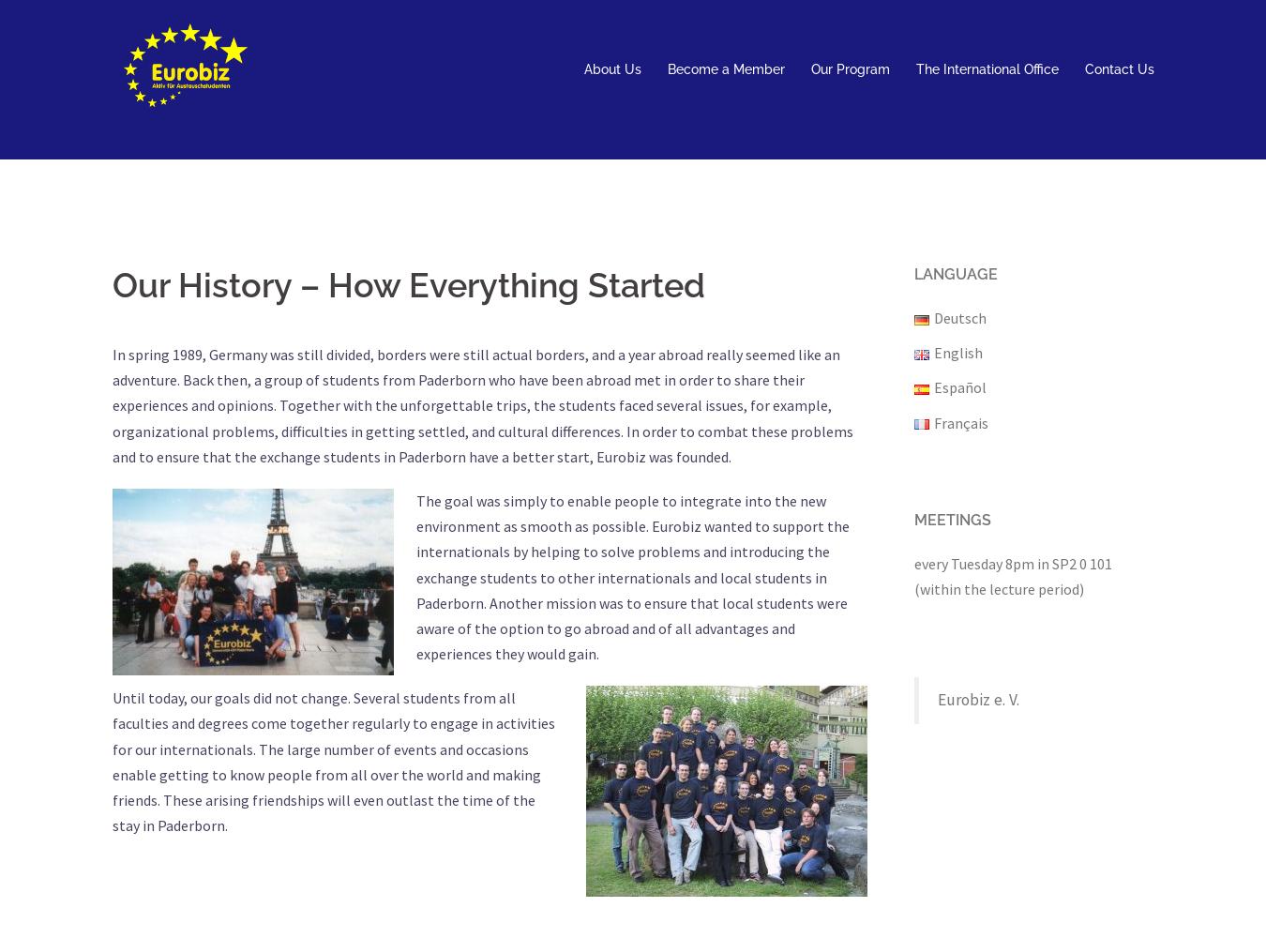  What do you see at coordinates (978, 699) in the screenshot?
I see `'Eurobiz e. V.'` at bounding box center [978, 699].